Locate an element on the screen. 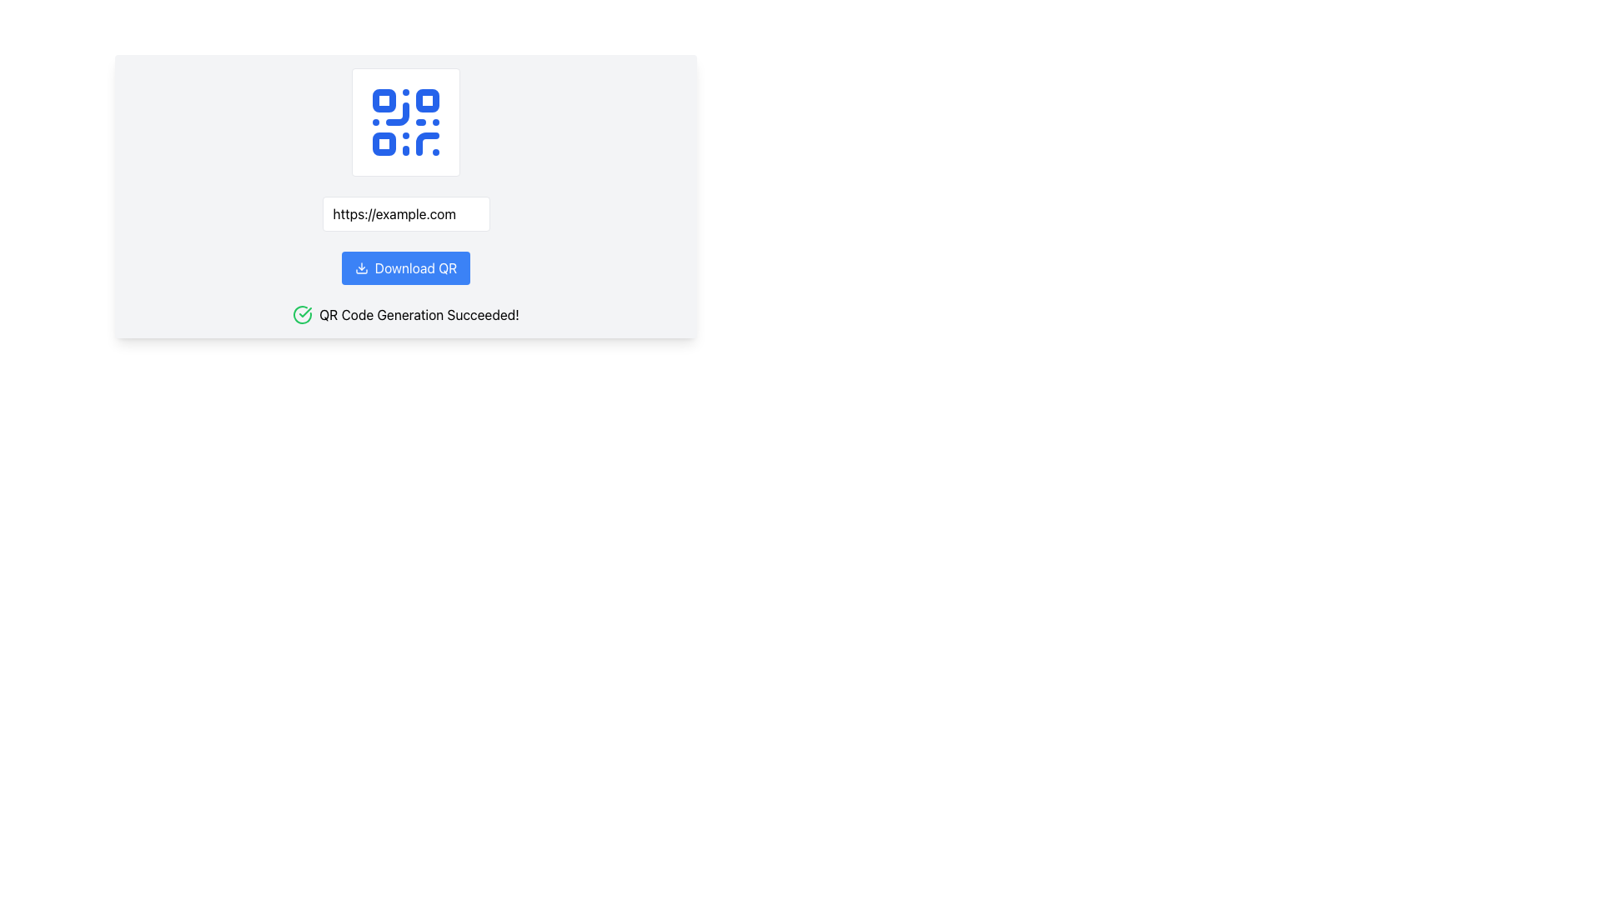  the download icon which is part of the 'Download QR' button is located at coordinates (360, 267).